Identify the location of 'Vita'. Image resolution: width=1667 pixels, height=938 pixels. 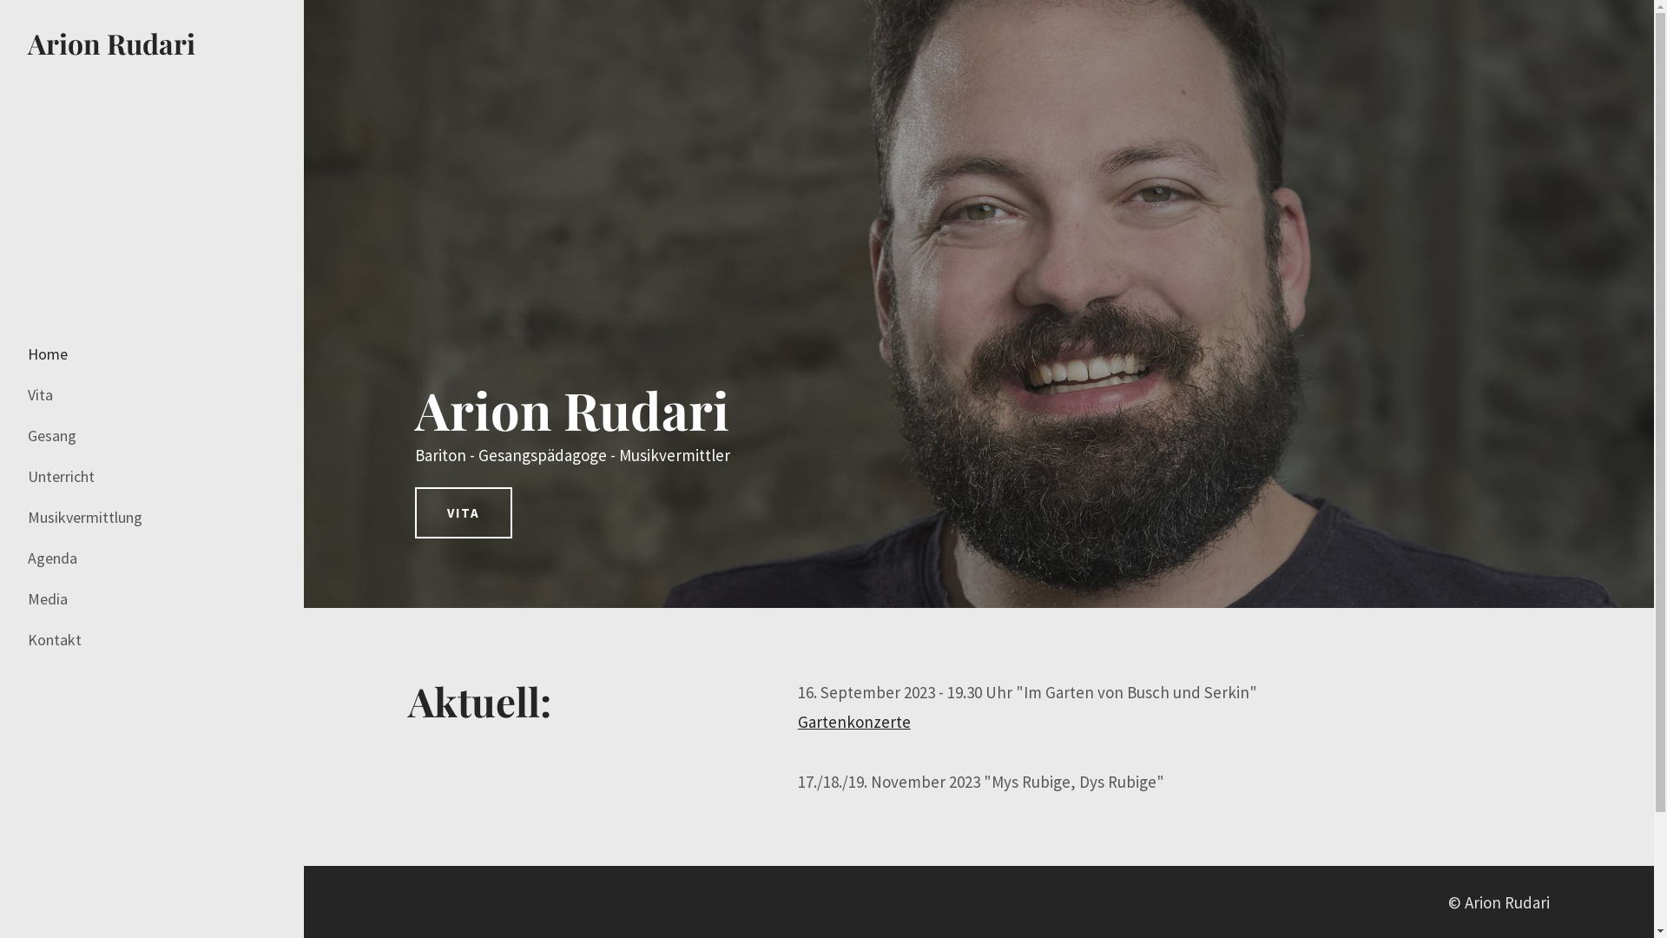
(45, 395).